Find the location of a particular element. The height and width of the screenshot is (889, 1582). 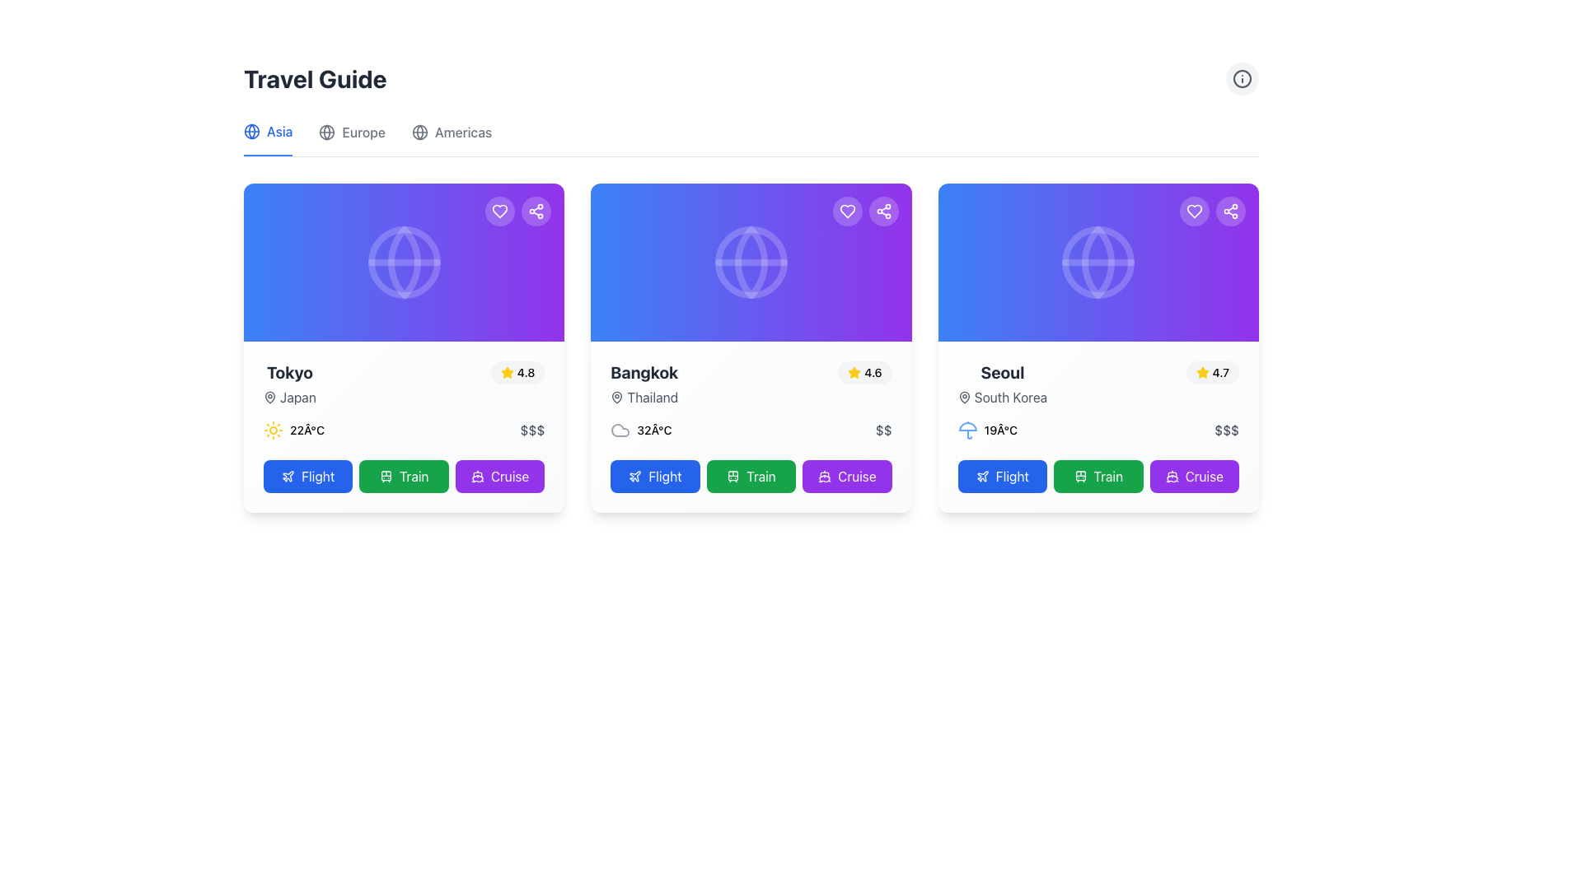

the third card in the grid layout, which has a gradient background from blue to purple and displays 'Seoul' is located at coordinates (1098, 347).